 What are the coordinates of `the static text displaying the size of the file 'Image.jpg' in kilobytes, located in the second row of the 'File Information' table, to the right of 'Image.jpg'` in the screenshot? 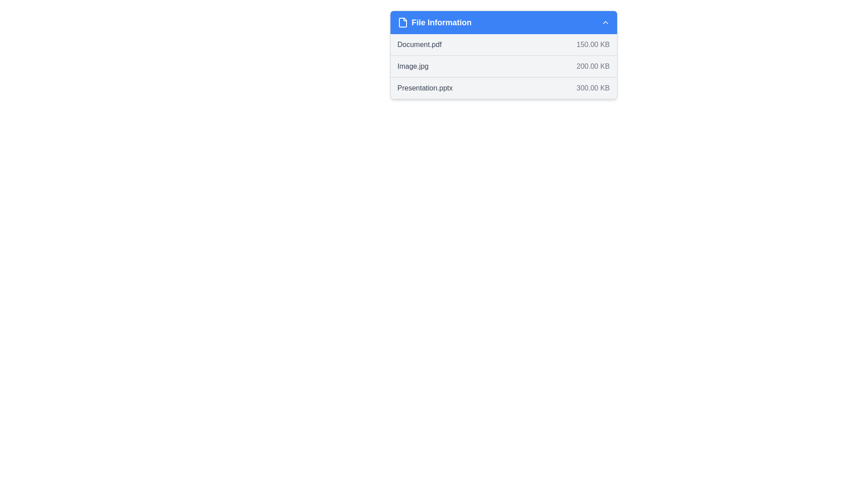 It's located at (593, 66).